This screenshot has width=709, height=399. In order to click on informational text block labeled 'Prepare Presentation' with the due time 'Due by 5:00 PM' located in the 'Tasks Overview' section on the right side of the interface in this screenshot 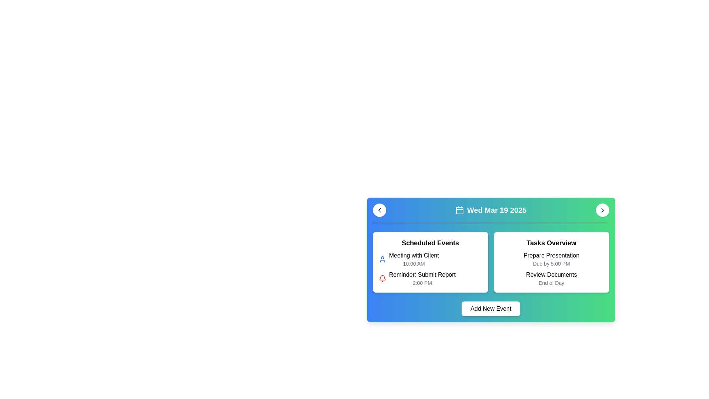, I will do `click(551, 259)`.